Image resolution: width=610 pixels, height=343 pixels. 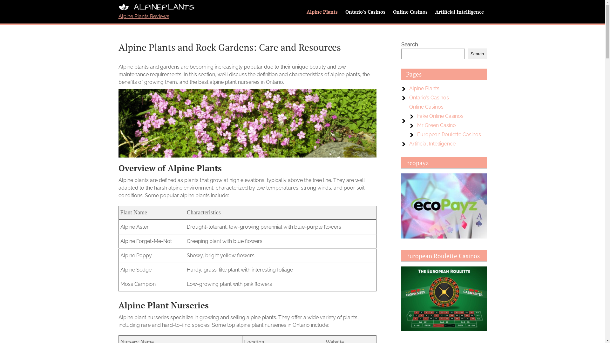 I want to click on 'Alpine Plants', so click(x=322, y=12).